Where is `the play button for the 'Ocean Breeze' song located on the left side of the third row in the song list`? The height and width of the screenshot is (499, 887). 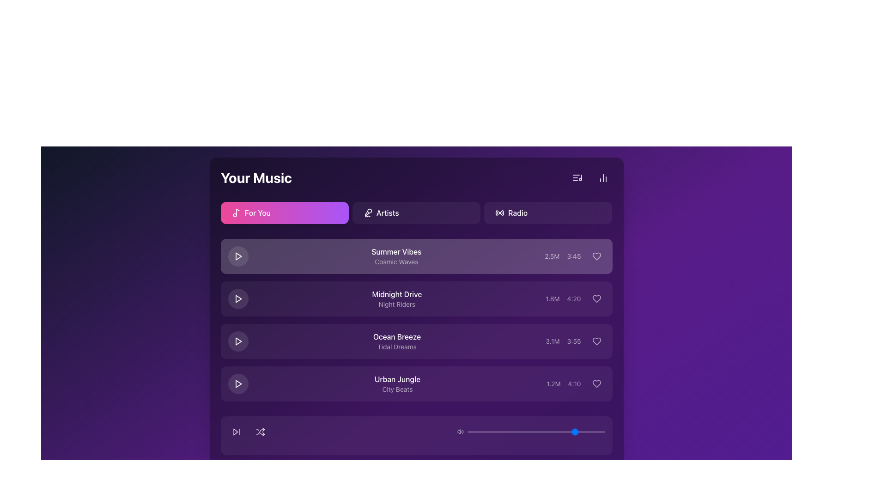 the play button for the 'Ocean Breeze' song located on the left side of the third row in the song list is located at coordinates (238, 341).